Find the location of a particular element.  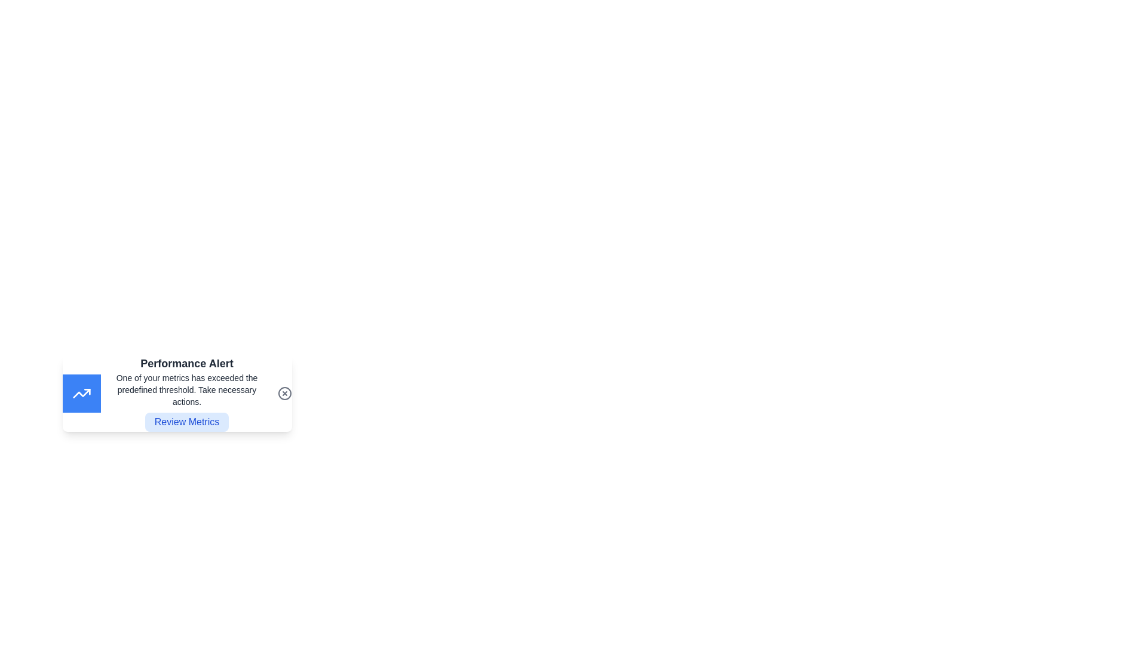

the 'Review Metrics' button to navigate to the metrics review page is located at coordinates (186, 421).